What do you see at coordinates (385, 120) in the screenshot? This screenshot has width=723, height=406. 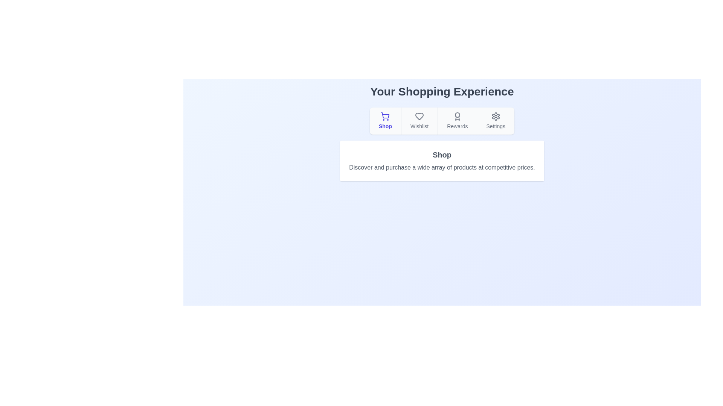 I see `the tab labeled Shop` at bounding box center [385, 120].